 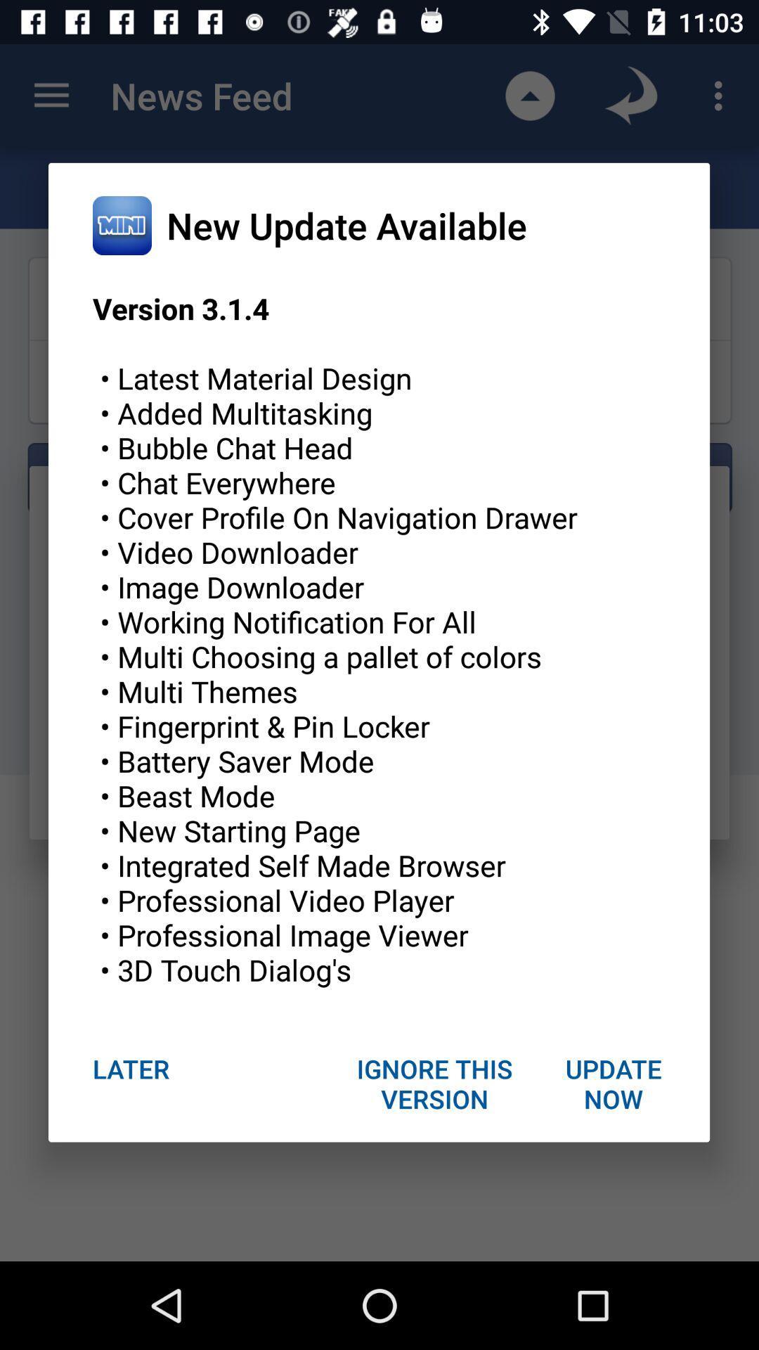 What do you see at coordinates (434, 1083) in the screenshot?
I see `icon to the right of later` at bounding box center [434, 1083].